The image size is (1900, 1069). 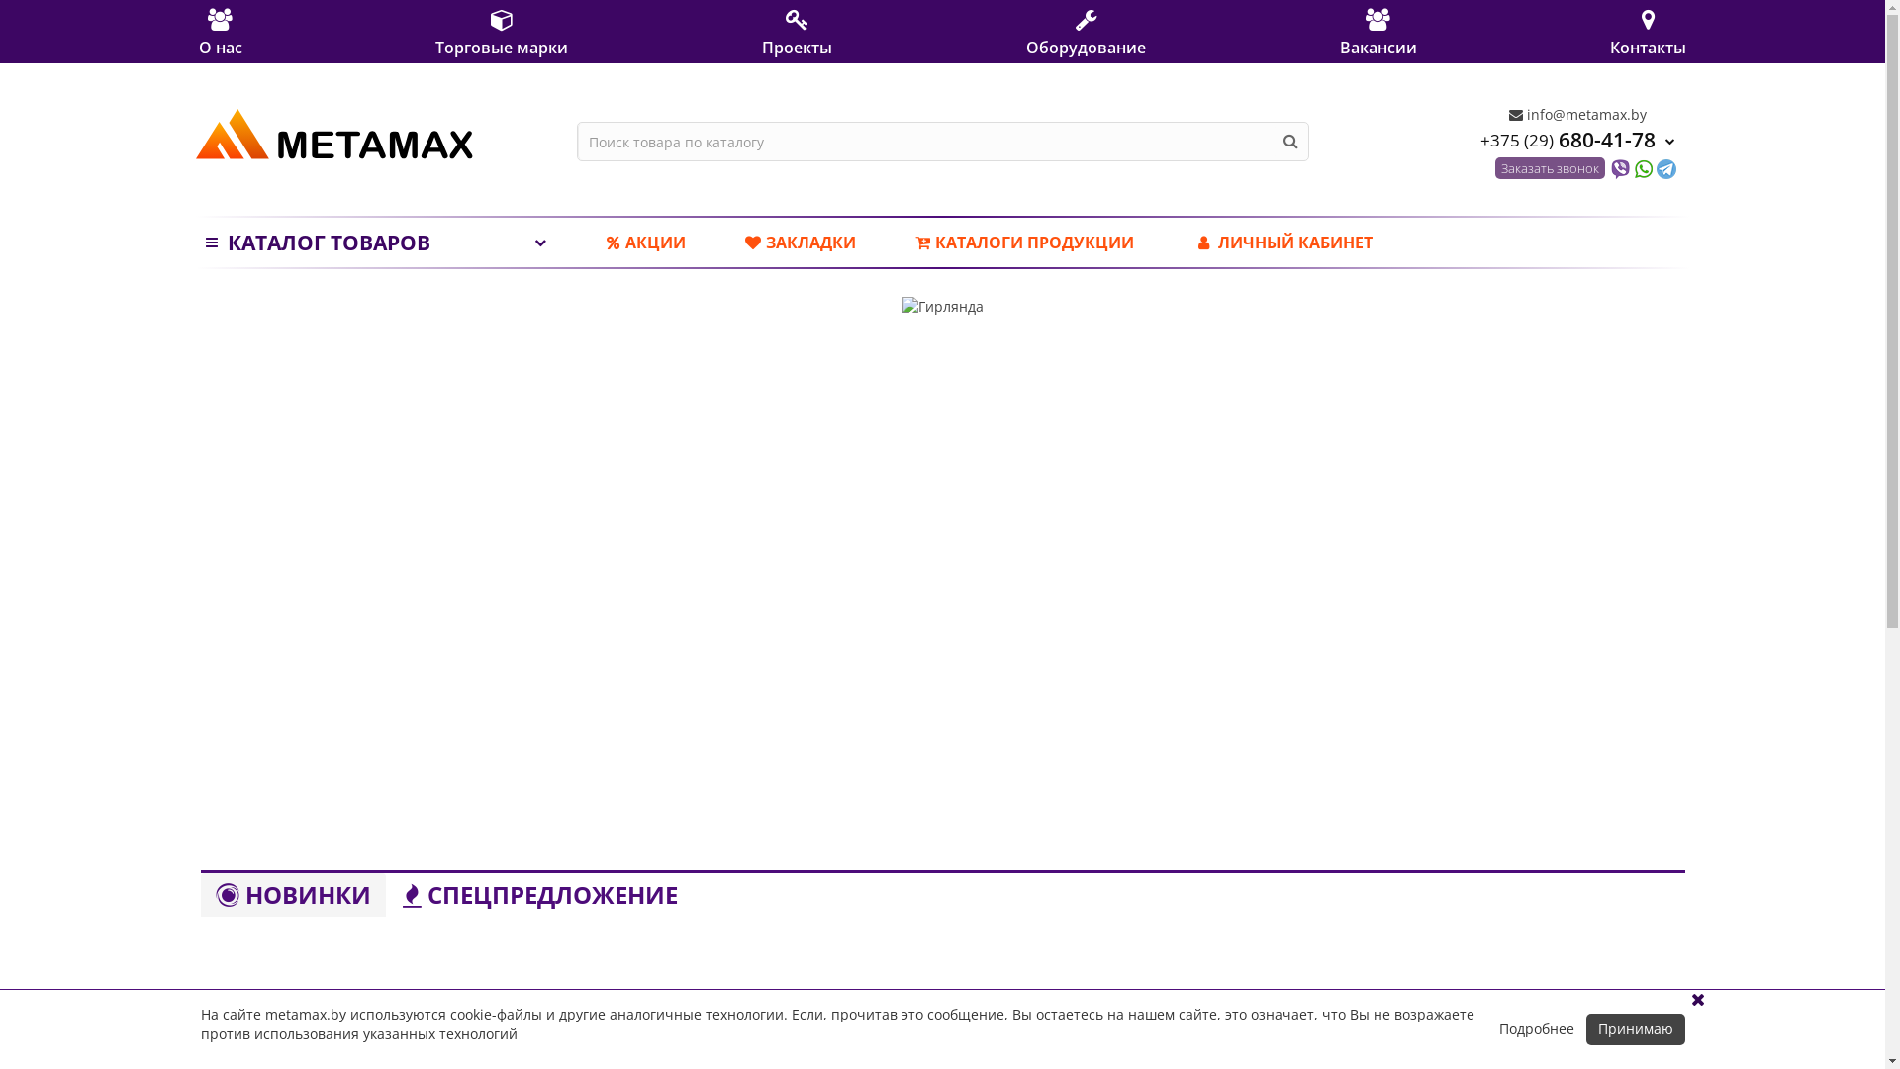 What do you see at coordinates (333, 134) in the screenshot?
I see `'Metamax.by'` at bounding box center [333, 134].